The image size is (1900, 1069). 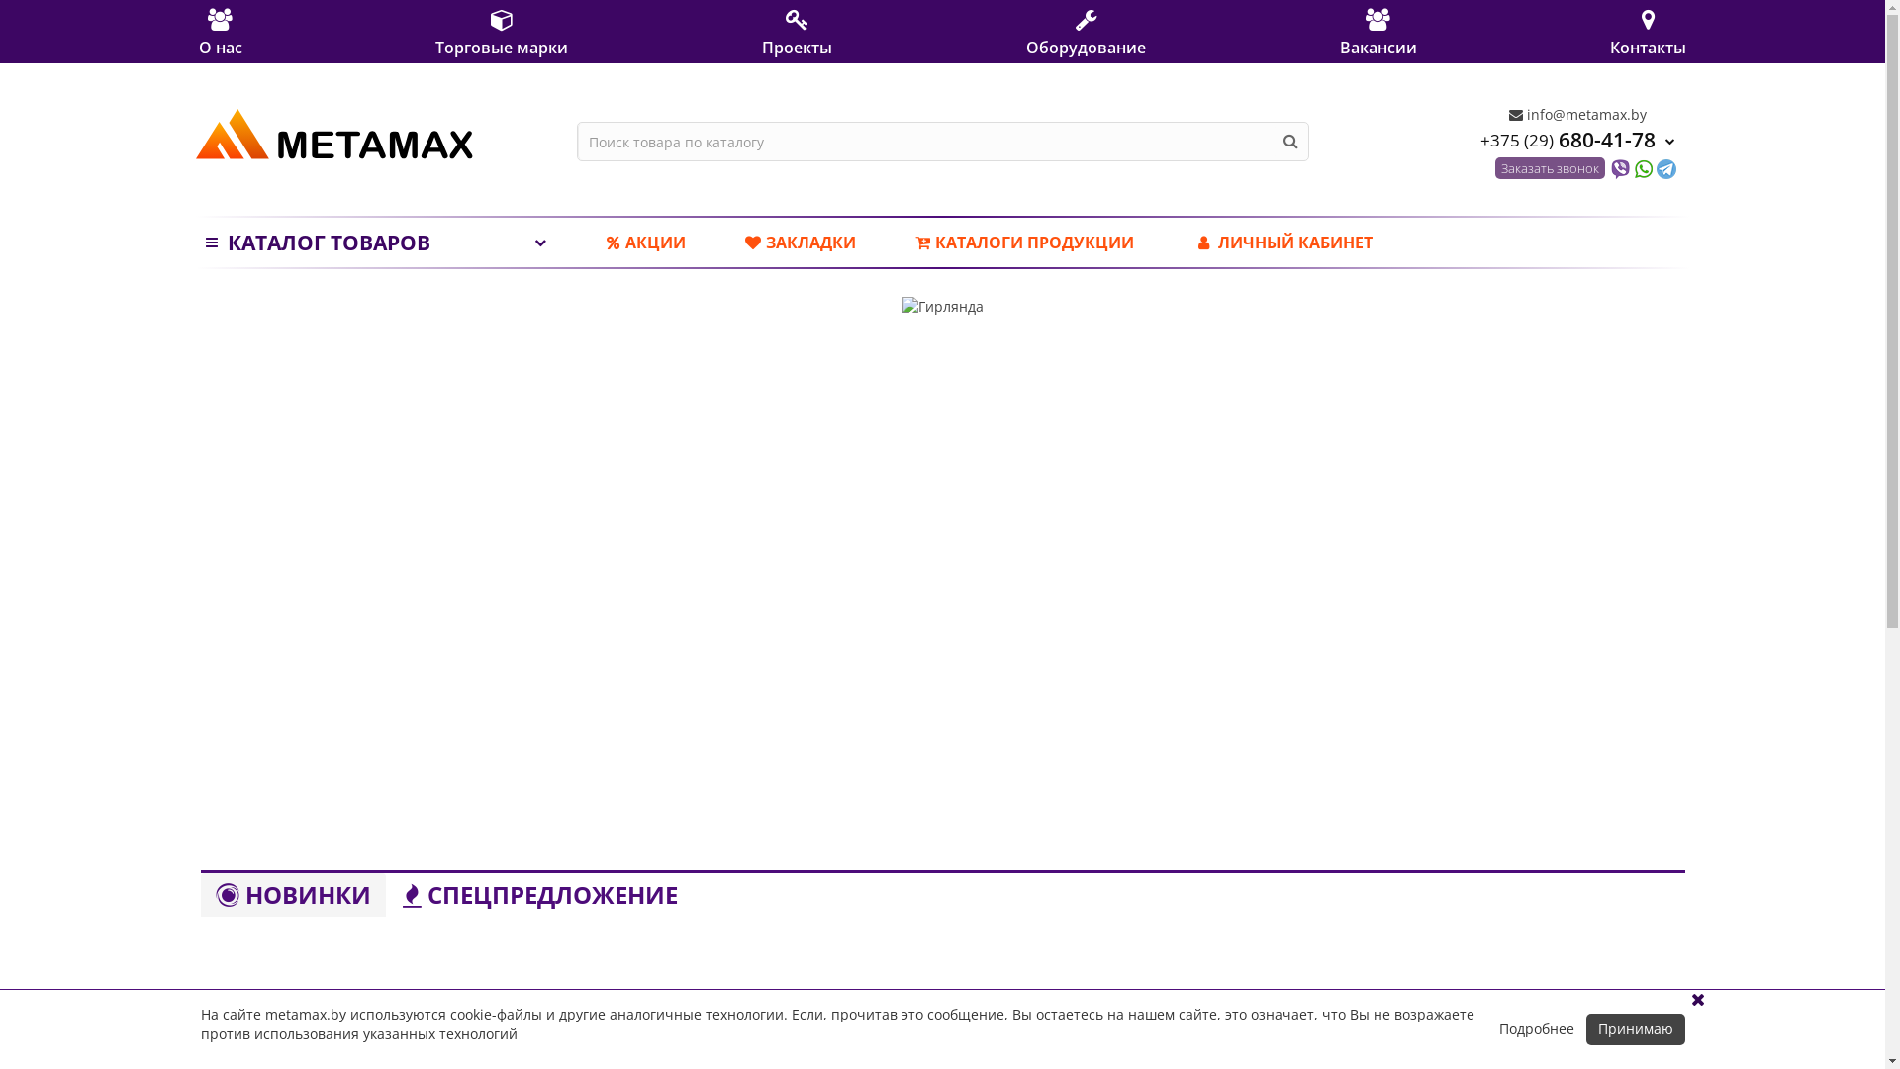 What do you see at coordinates (333, 134) in the screenshot?
I see `'Metamax.by'` at bounding box center [333, 134].